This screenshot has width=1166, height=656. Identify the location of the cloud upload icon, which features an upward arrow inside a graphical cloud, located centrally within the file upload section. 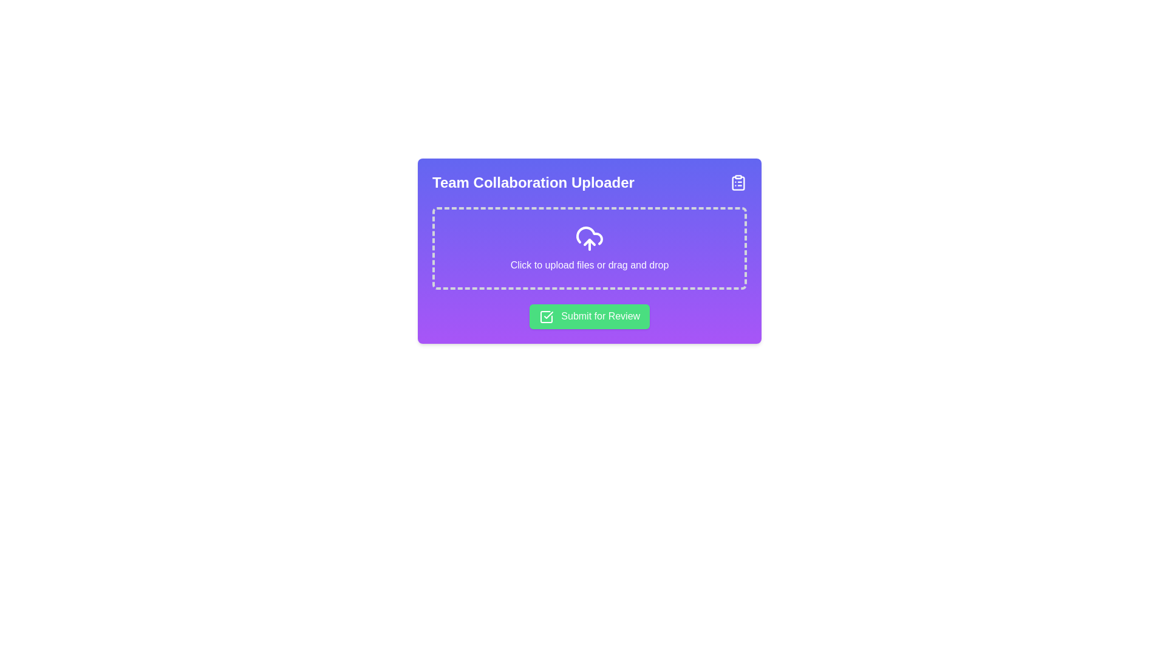
(589, 242).